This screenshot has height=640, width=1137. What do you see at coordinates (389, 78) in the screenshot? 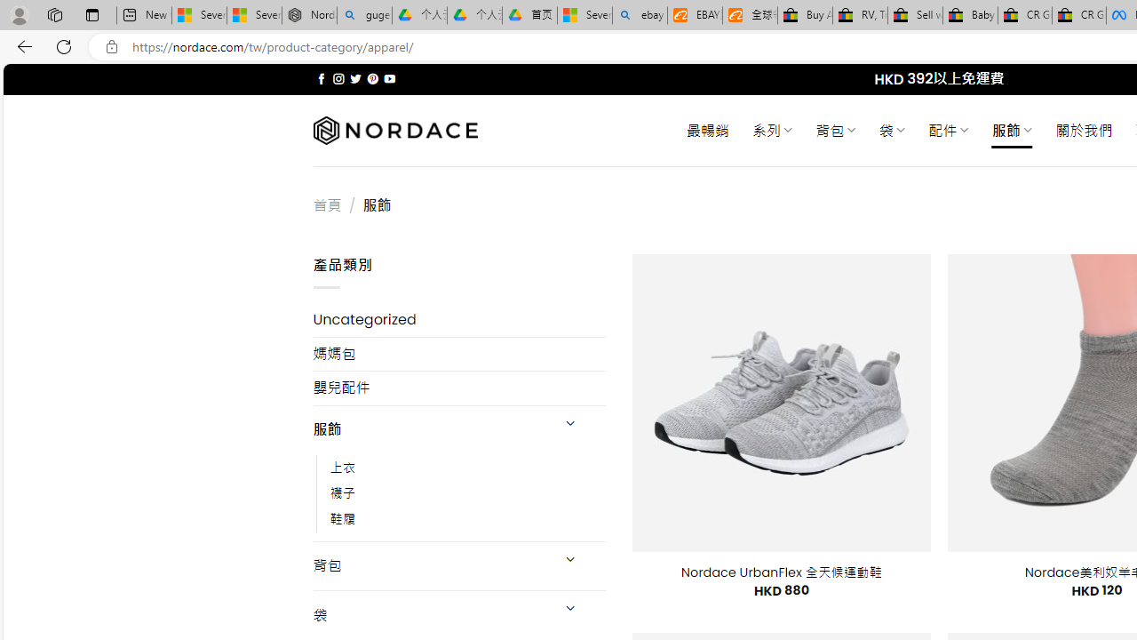
I see `'Follow on YouTube'` at bounding box center [389, 78].